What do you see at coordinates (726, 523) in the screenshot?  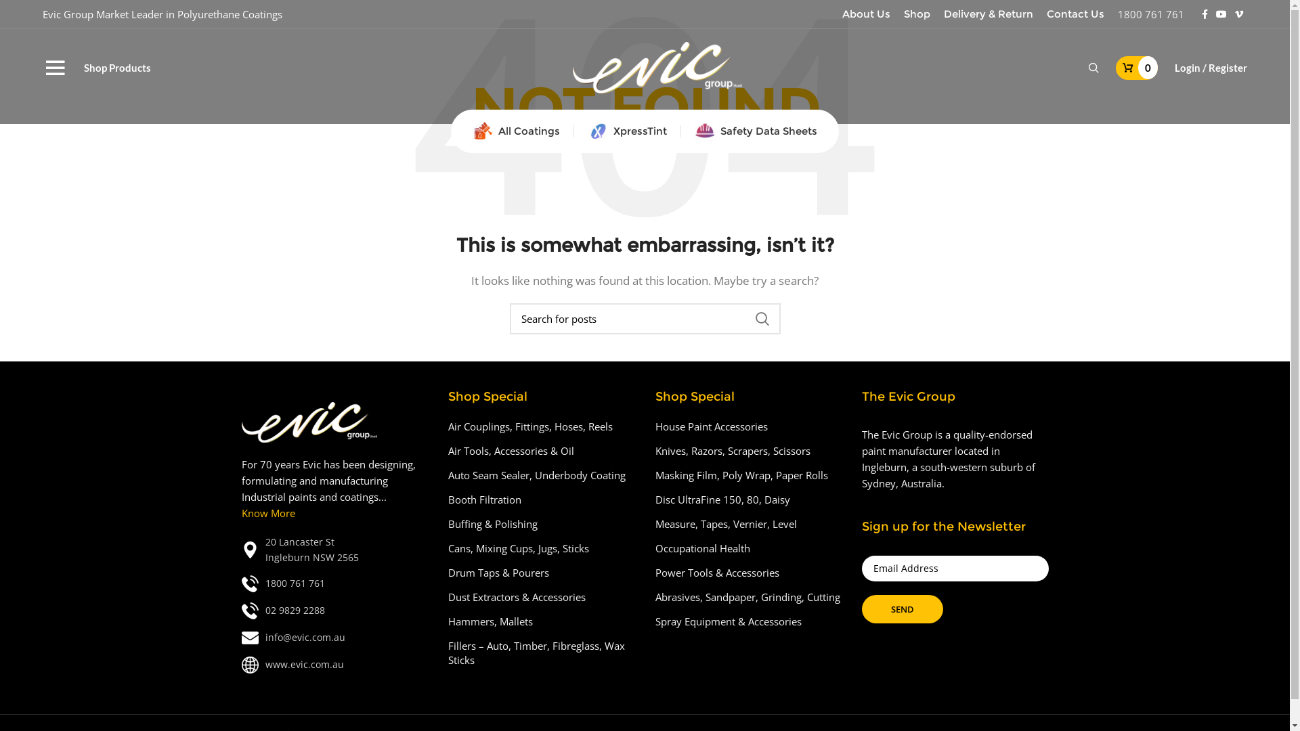 I see `'Measure, Tapes, Vernier, Level'` at bounding box center [726, 523].